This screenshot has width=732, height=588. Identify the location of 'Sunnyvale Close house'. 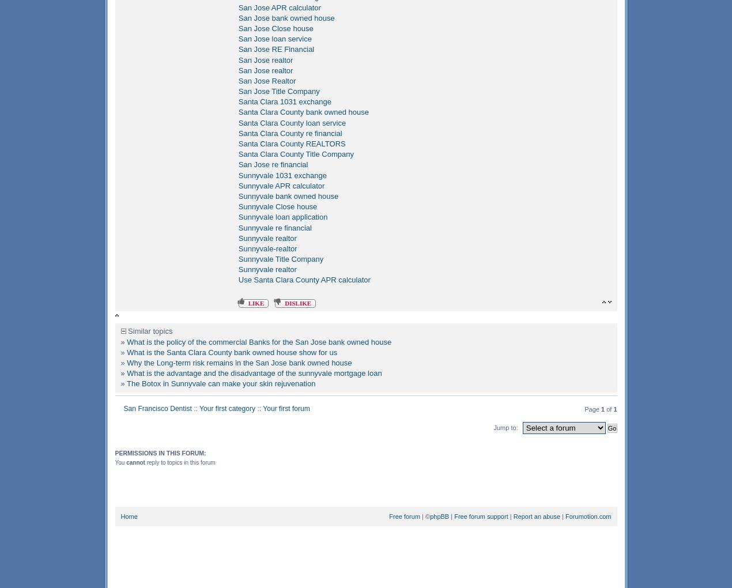
(277, 206).